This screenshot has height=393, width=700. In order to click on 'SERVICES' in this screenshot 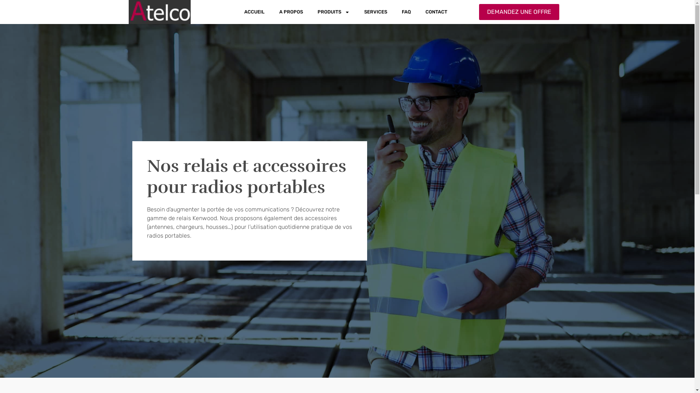, I will do `click(376, 12)`.